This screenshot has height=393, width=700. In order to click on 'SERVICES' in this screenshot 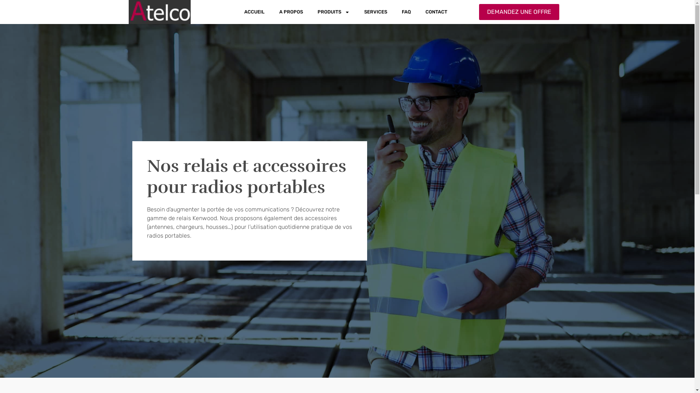, I will do `click(376, 12)`.